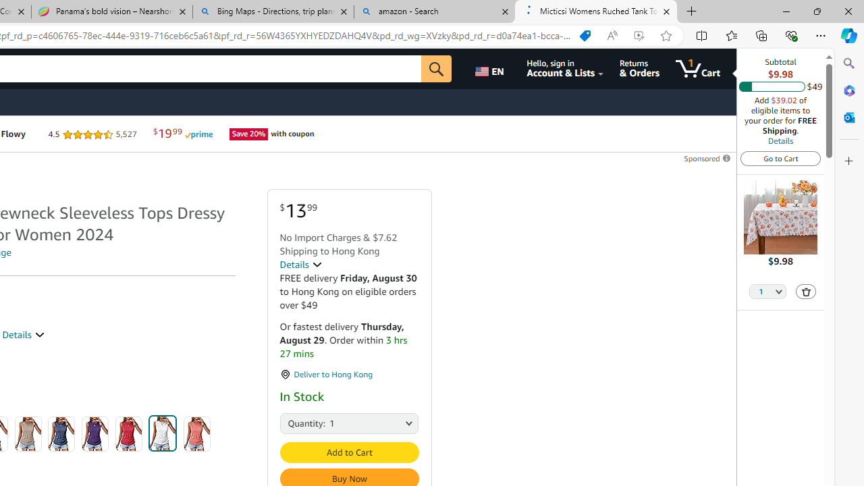 The image size is (864, 486). Describe the element at coordinates (61, 433) in the screenshot. I see `'Navy Blue'` at that location.